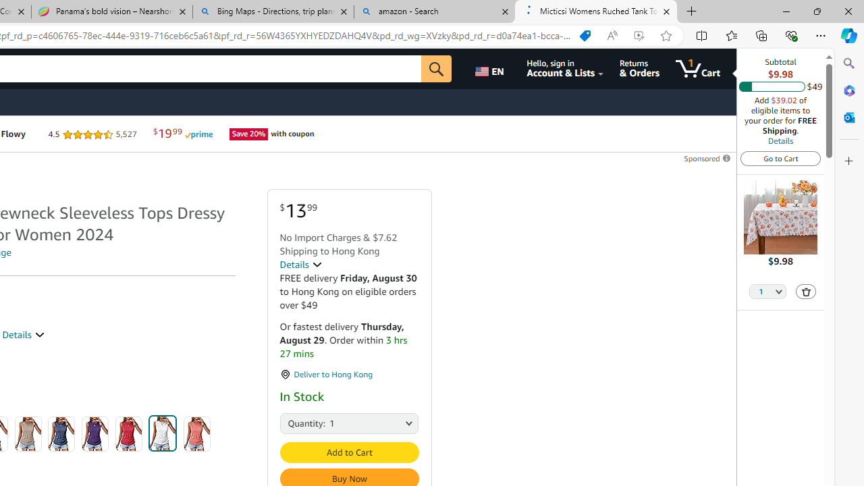 The image size is (864, 486). Describe the element at coordinates (61, 433) in the screenshot. I see `'Navy Blue'` at that location.